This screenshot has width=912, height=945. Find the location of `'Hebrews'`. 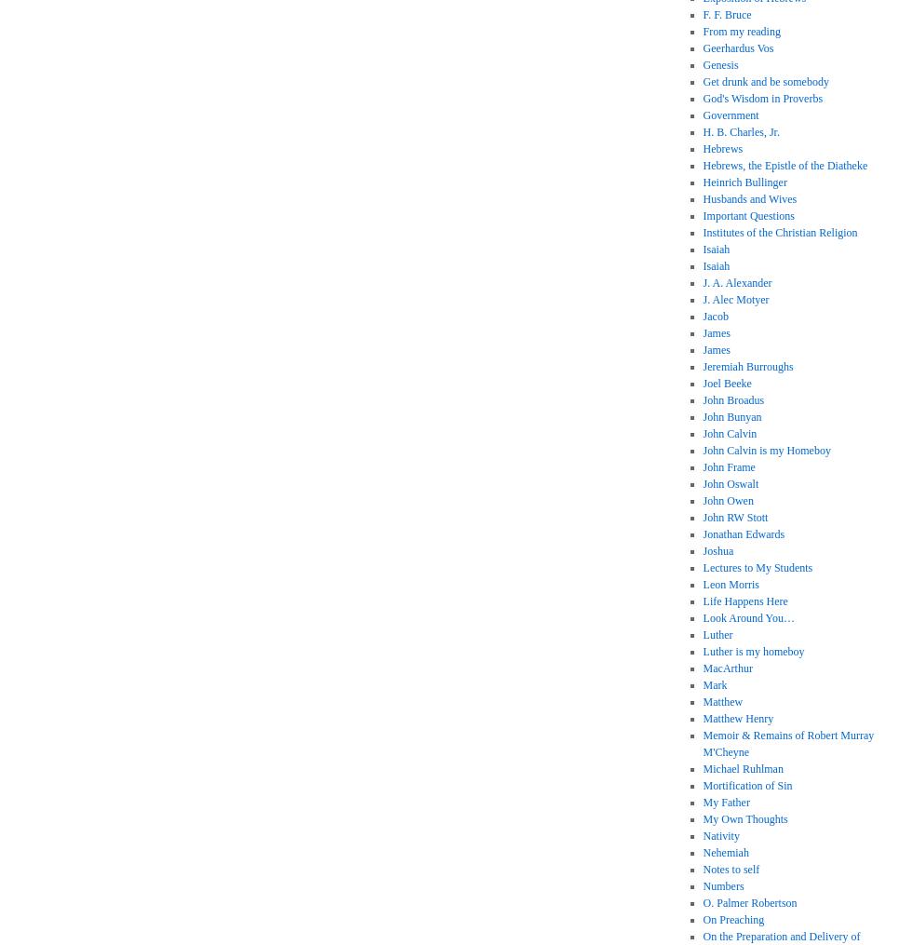

'Hebrews' is located at coordinates (722, 147).